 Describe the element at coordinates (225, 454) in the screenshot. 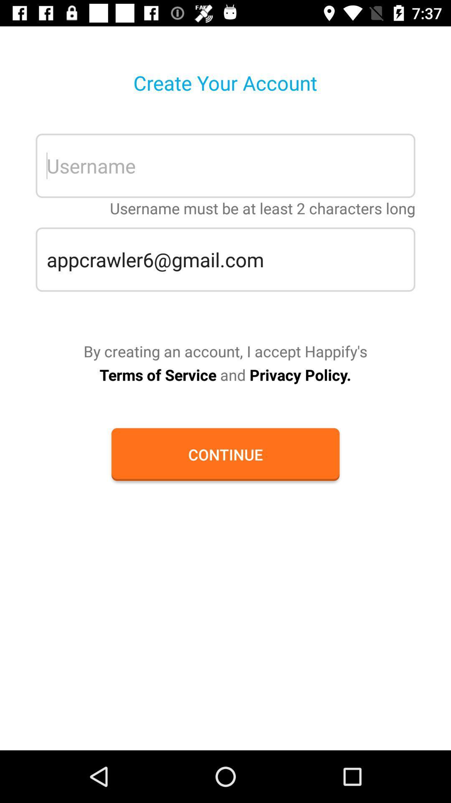

I see `icon below the terms of service` at that location.